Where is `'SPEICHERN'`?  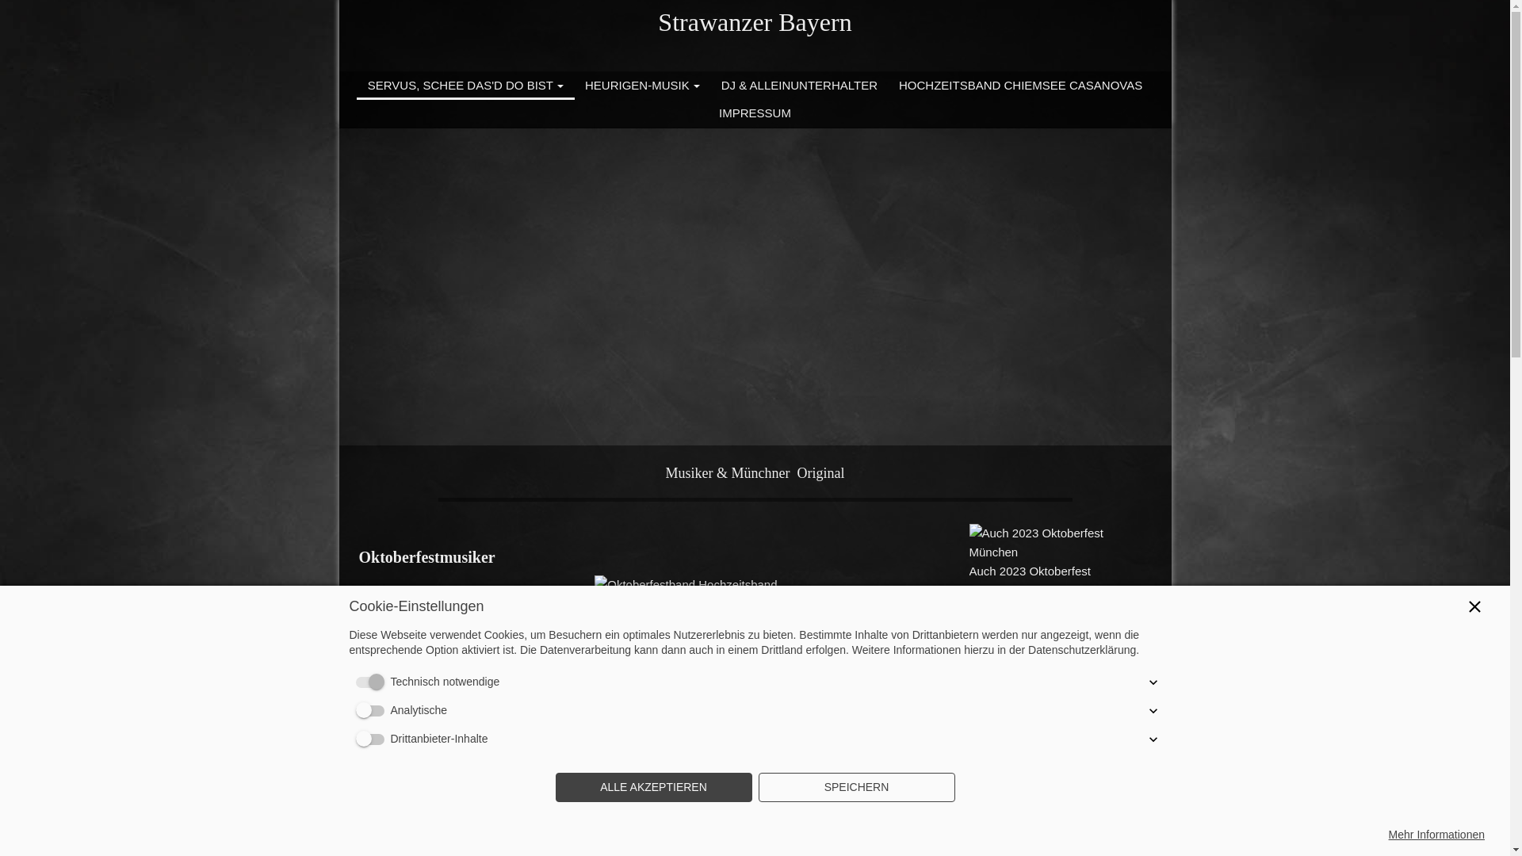 'SPEICHERN' is located at coordinates (855, 788).